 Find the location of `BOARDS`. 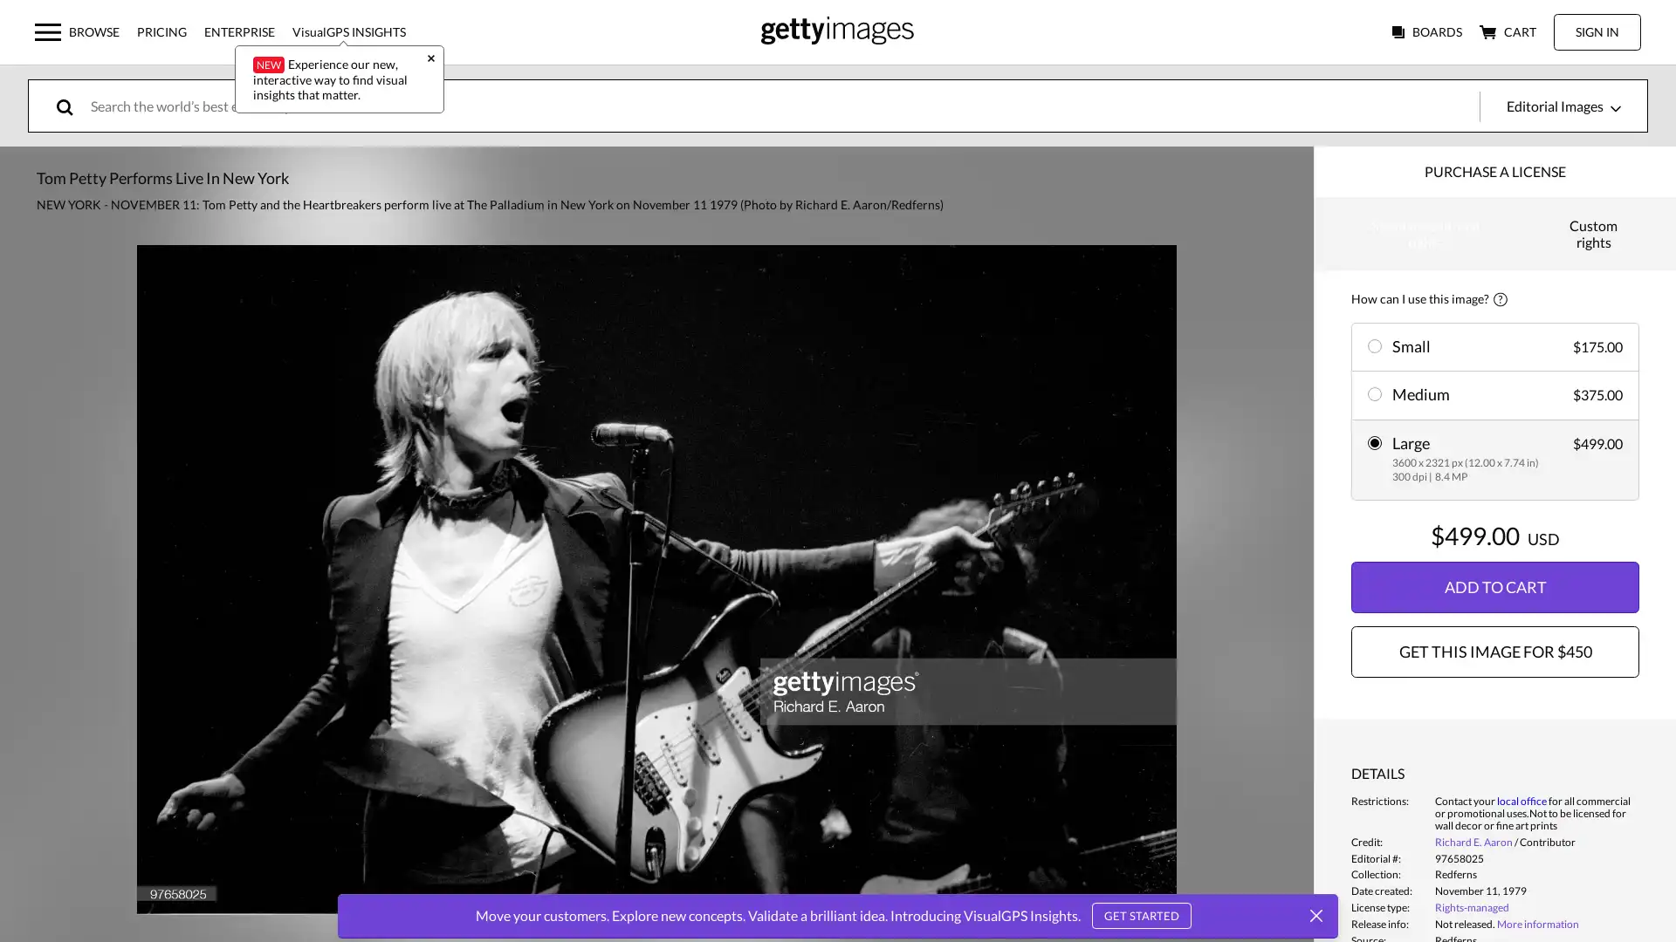

BOARDS is located at coordinates (1427, 31).